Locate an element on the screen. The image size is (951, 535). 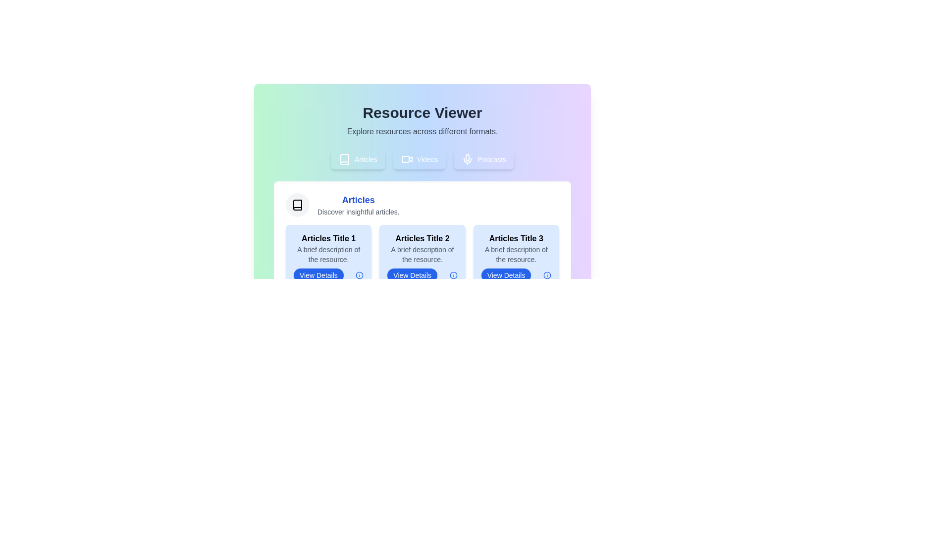
the 'View Details' button with white text on a blue background located at the bottom-left corner of the card labeled 'Articles Title 1' is located at coordinates (318, 275).